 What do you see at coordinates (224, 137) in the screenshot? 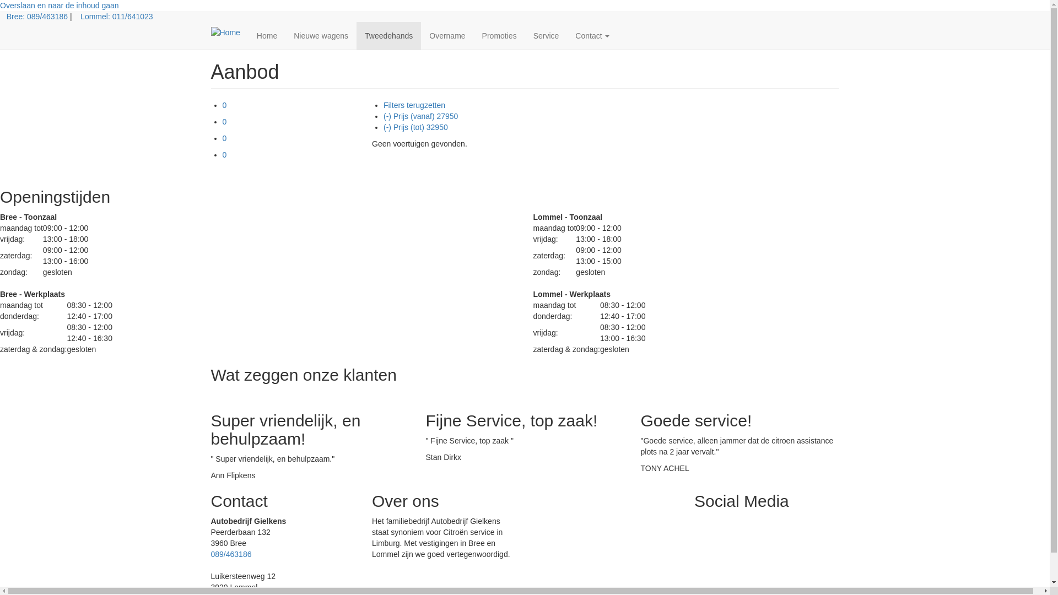
I see `'0'` at bounding box center [224, 137].